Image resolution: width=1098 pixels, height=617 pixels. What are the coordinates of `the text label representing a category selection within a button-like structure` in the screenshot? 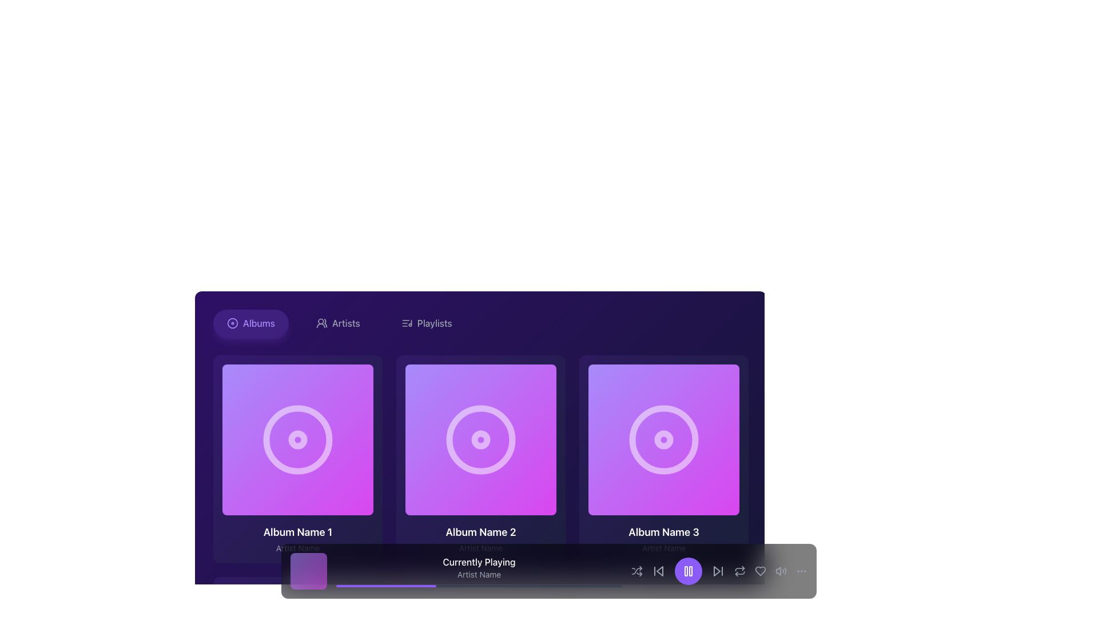 It's located at (258, 323).